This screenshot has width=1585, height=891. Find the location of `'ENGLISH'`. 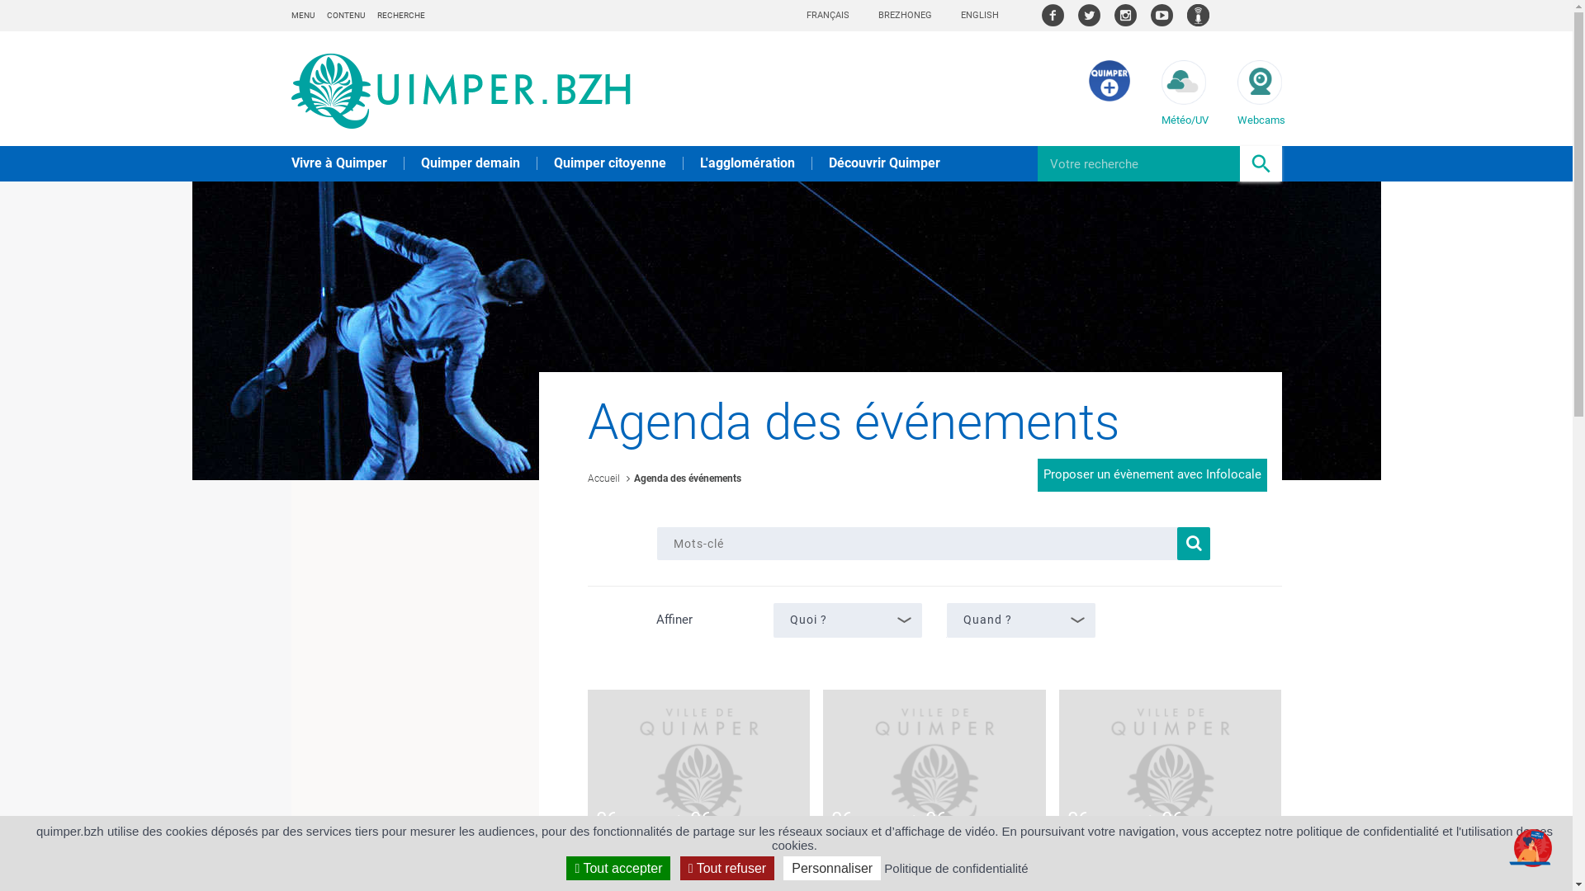

'ENGLISH' is located at coordinates (979, 15).